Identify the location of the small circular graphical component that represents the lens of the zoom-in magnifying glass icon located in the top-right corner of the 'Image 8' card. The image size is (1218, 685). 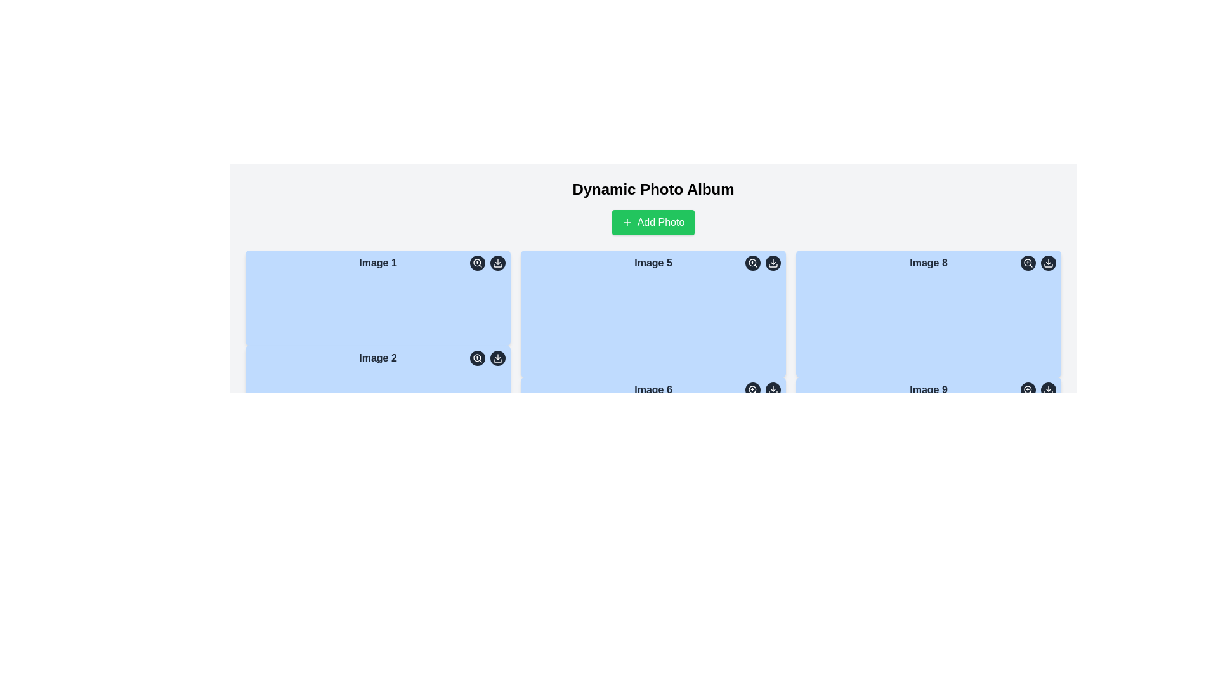
(1028, 262).